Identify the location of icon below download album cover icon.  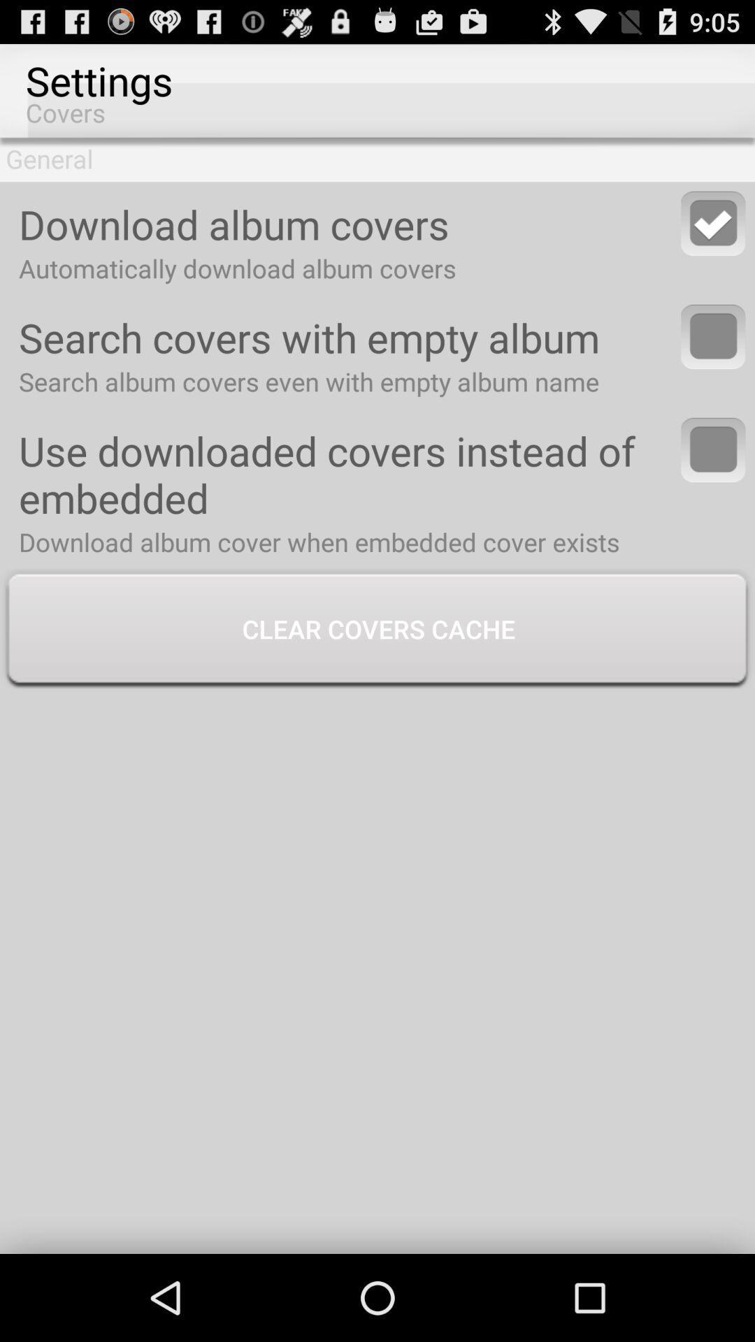
(377, 630).